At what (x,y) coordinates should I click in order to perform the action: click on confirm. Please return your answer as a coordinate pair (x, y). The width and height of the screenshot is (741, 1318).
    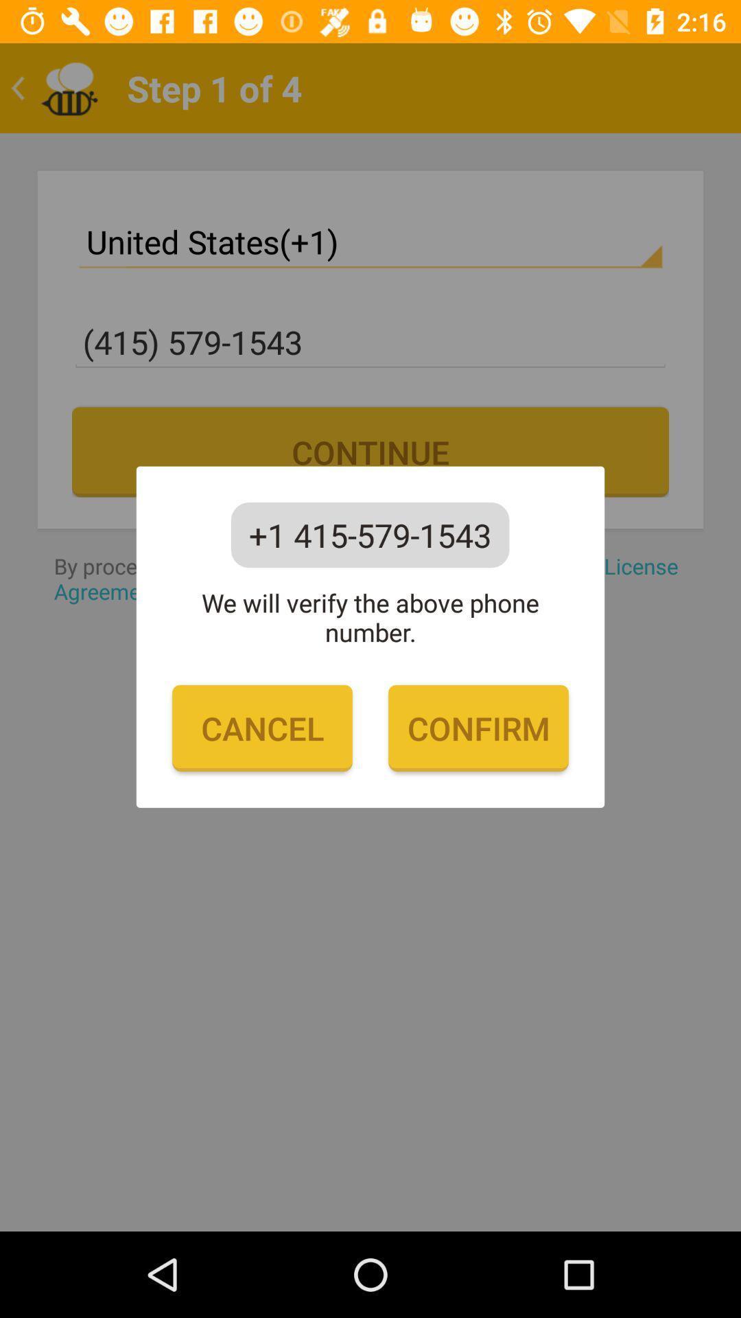
    Looking at the image, I should click on (478, 728).